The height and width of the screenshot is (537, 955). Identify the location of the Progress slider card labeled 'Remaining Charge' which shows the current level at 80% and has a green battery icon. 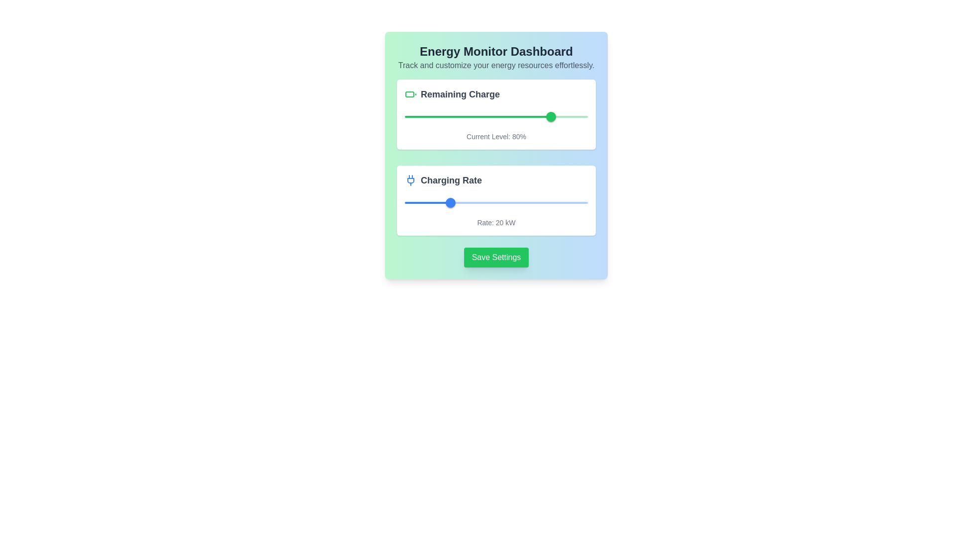
(496, 114).